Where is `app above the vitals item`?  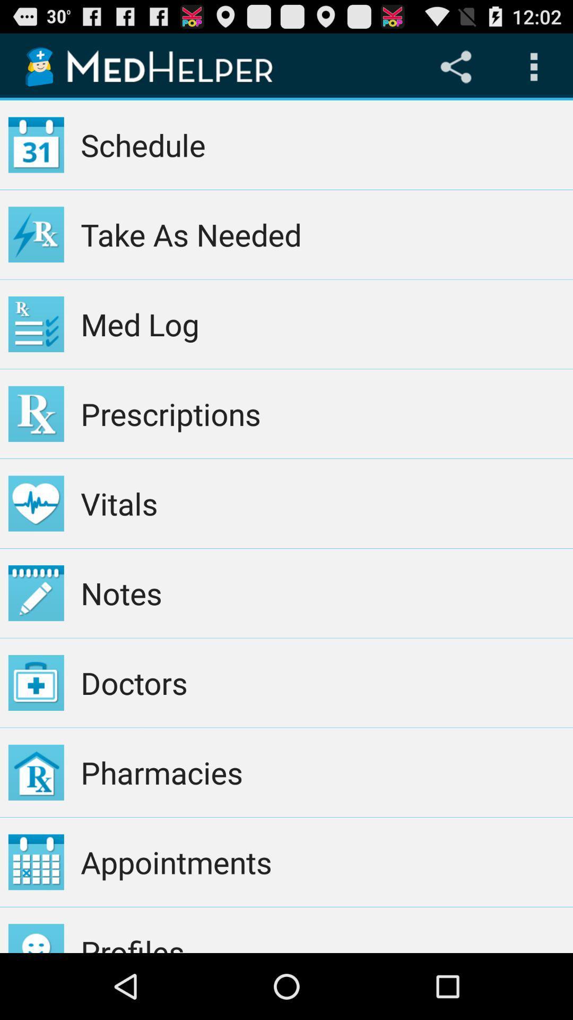
app above the vitals item is located at coordinates (322, 413).